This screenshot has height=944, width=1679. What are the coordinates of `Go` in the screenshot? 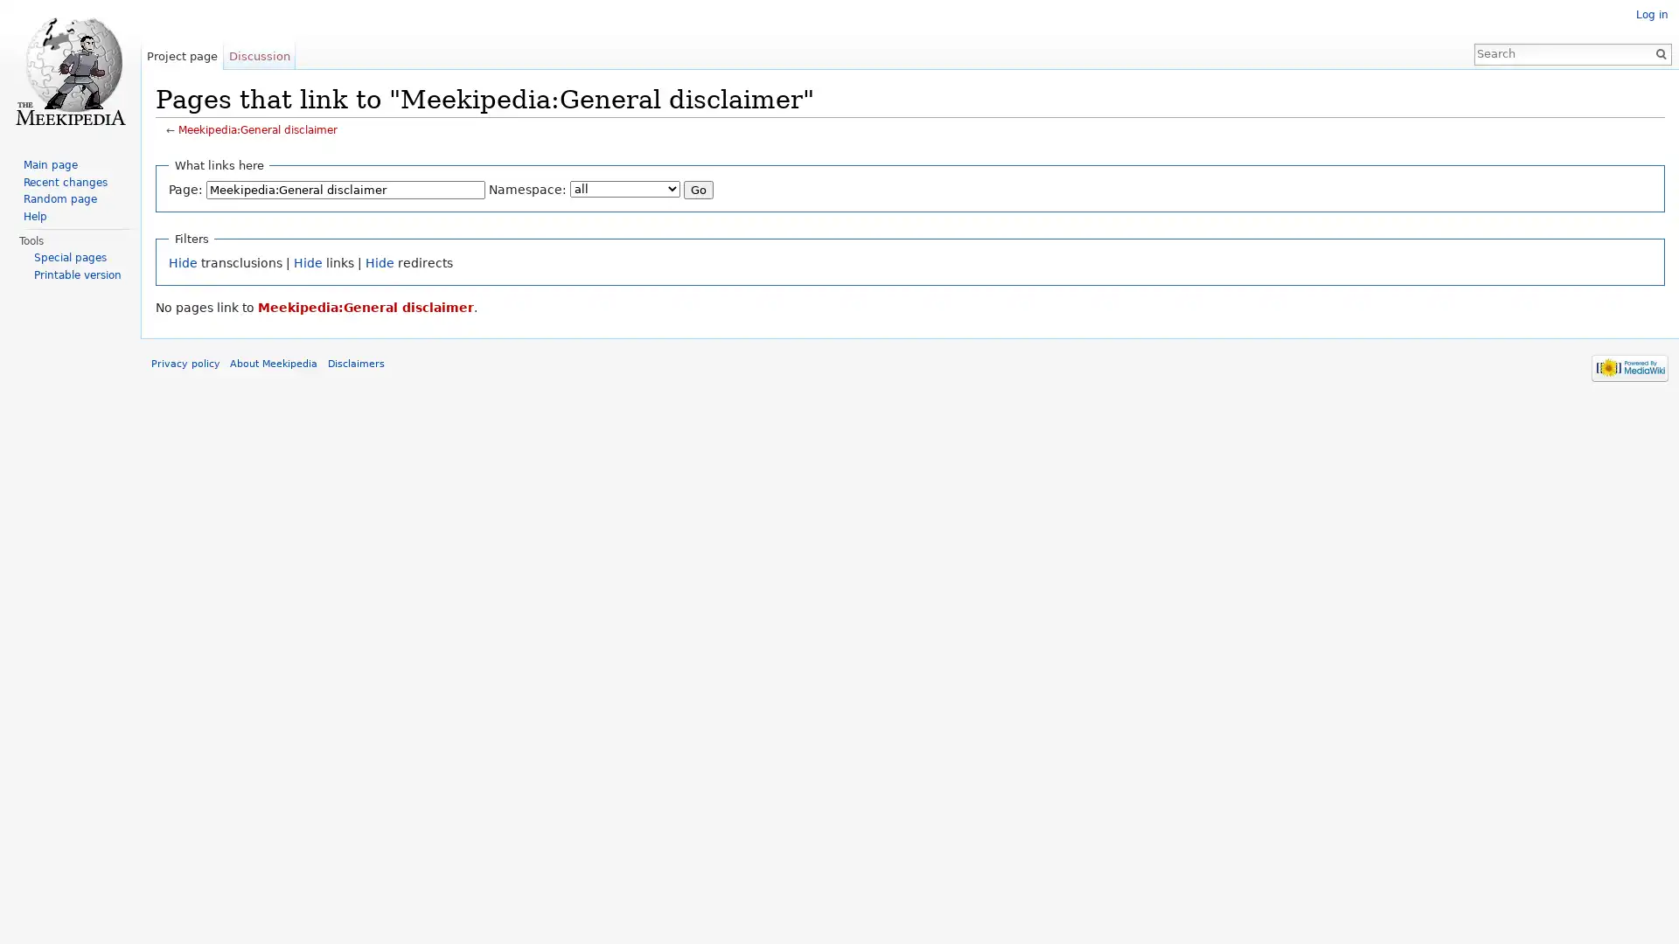 It's located at (718, 192).